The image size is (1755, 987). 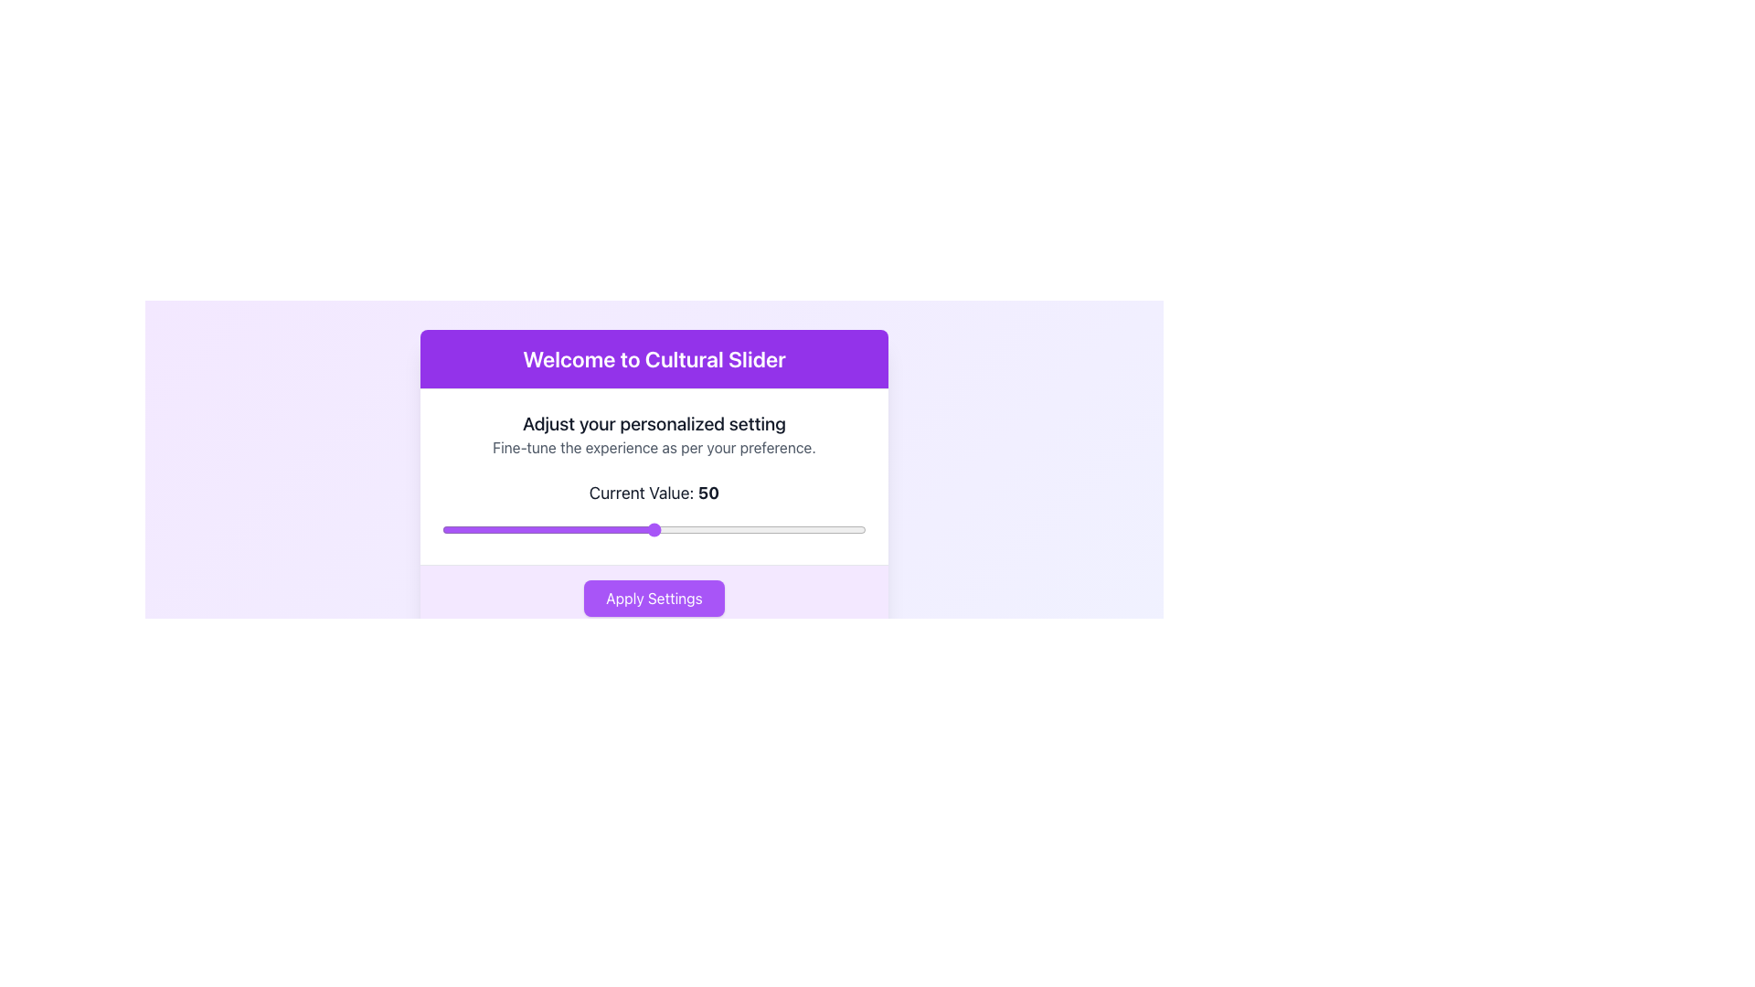 I want to click on slider value, so click(x=522, y=529).